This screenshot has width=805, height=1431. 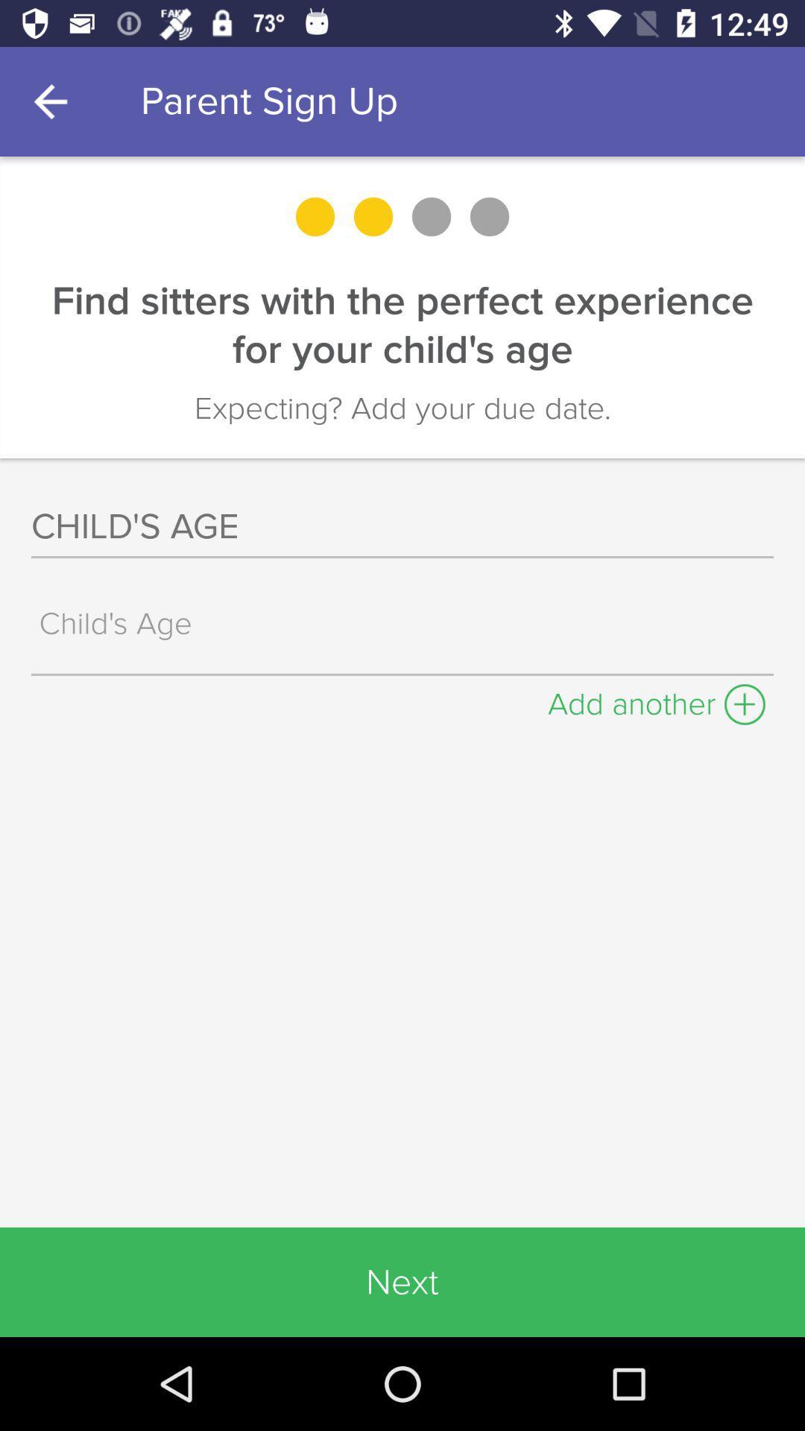 I want to click on child 's age, so click(x=406, y=623).